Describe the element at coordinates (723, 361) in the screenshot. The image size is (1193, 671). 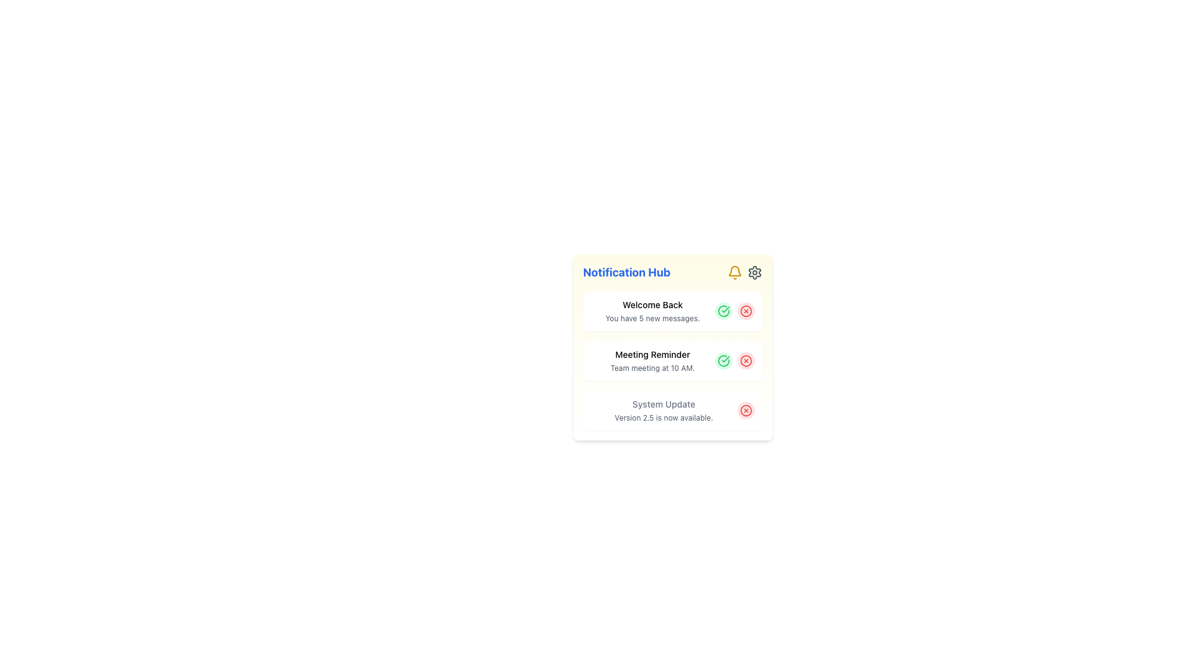
I see `the confirmation/success icon located to the right of the text 'Meeting Reminder' in the second row of the notification list` at that location.